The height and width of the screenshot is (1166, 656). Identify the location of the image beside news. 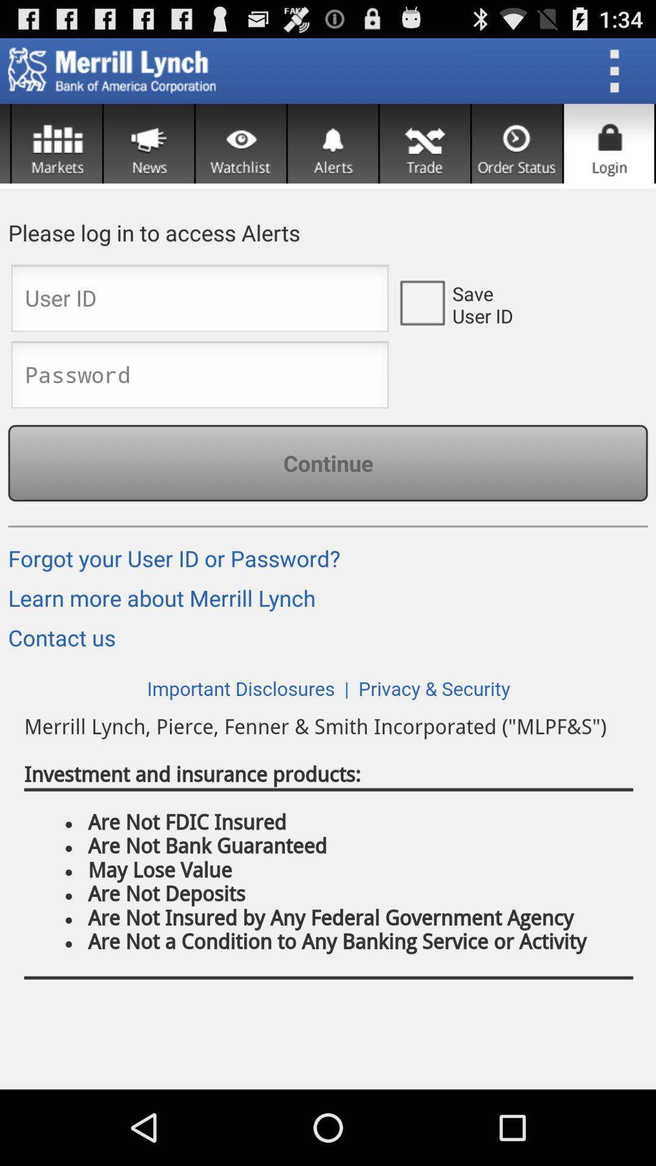
(56, 143).